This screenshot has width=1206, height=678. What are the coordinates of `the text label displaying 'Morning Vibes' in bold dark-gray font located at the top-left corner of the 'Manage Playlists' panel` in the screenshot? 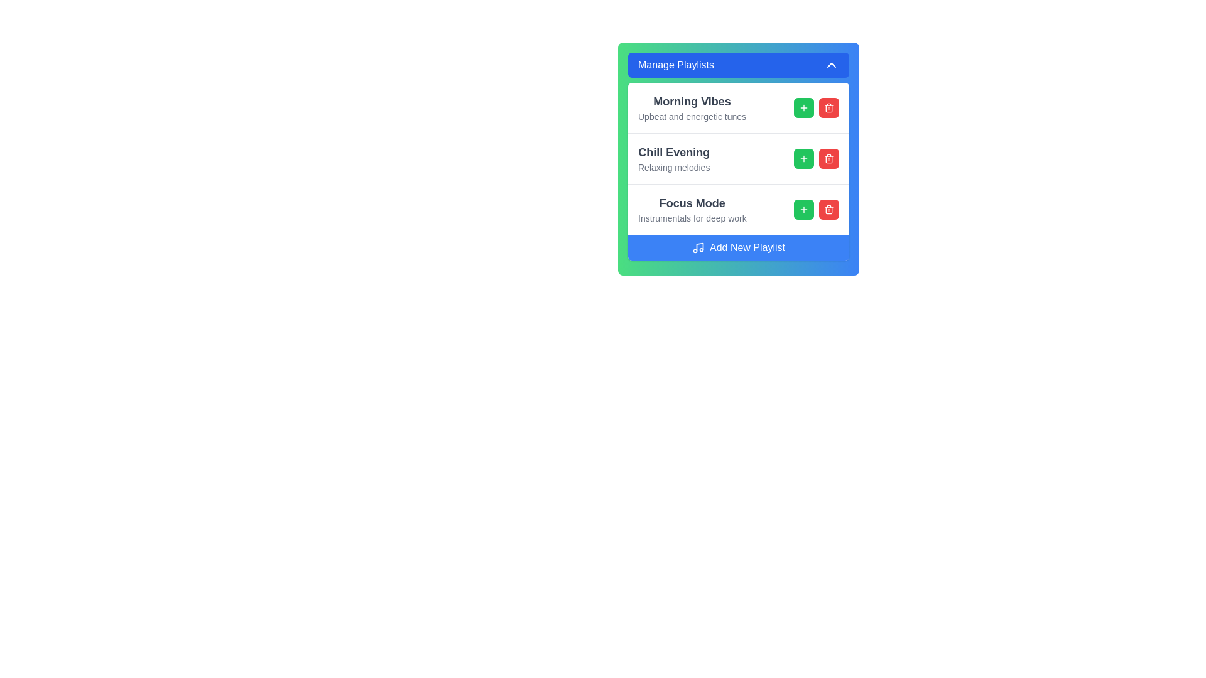 It's located at (692, 101).